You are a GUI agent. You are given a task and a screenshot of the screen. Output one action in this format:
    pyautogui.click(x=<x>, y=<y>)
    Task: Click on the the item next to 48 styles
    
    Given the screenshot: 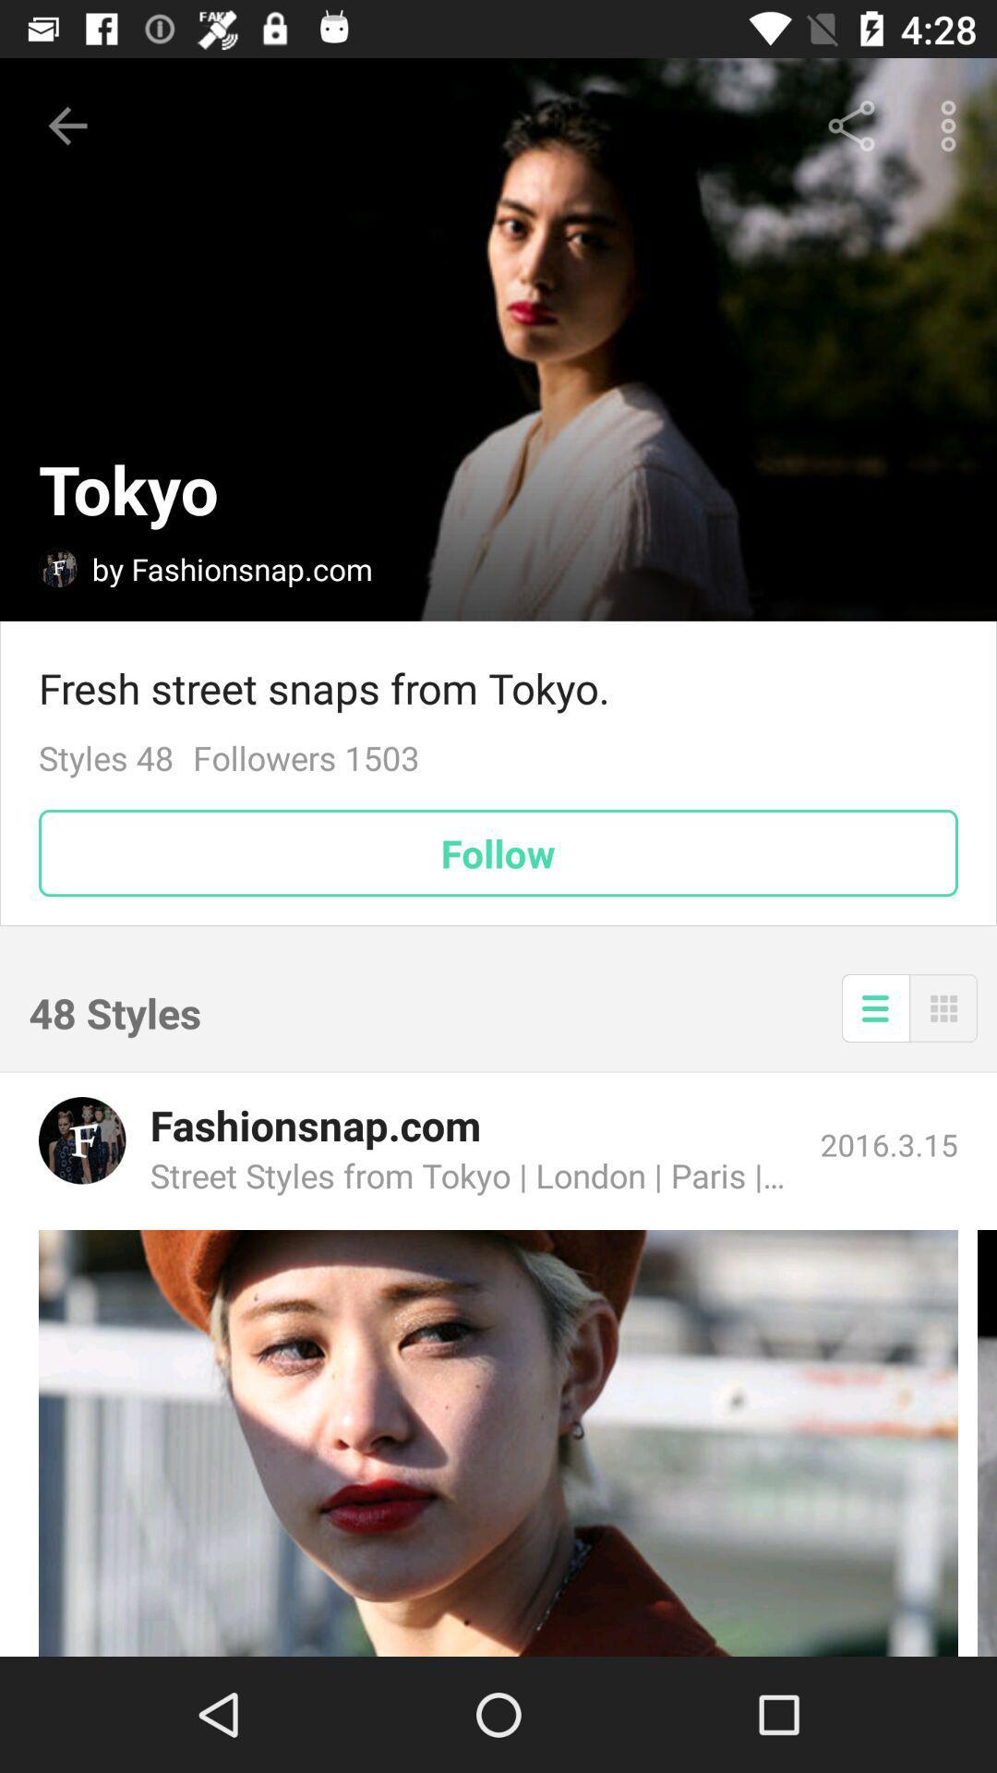 What is the action you would take?
    pyautogui.click(x=874, y=1007)
    